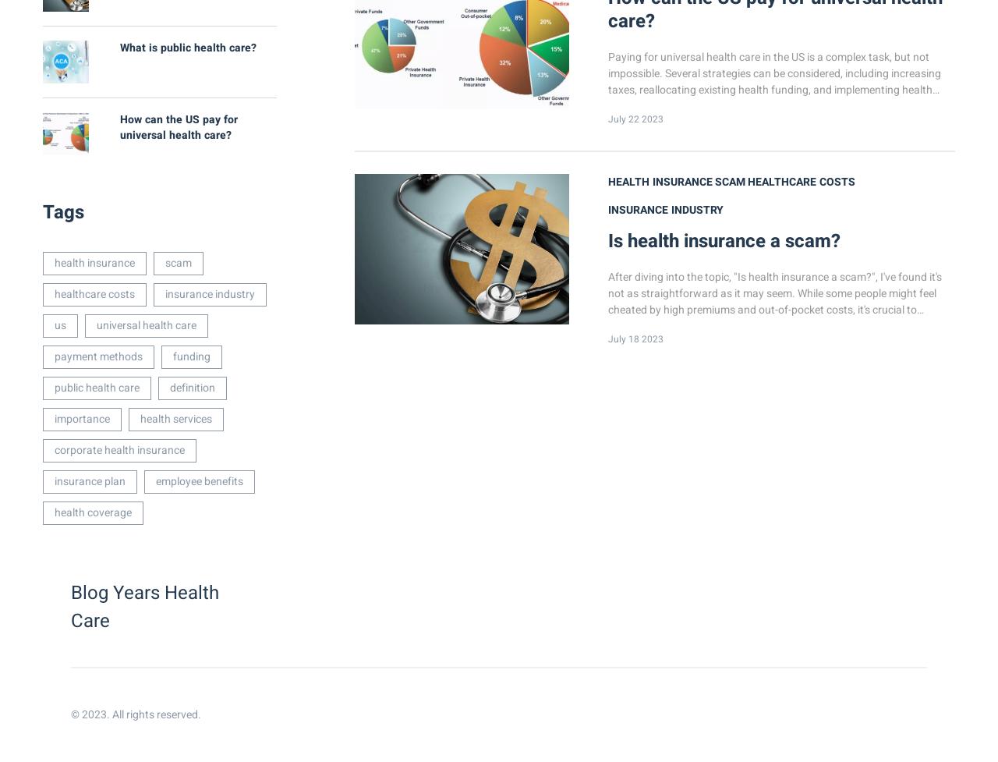 This screenshot has height=762, width=998. Describe the element at coordinates (635, 119) in the screenshot. I see `'July 22 2023'` at that location.